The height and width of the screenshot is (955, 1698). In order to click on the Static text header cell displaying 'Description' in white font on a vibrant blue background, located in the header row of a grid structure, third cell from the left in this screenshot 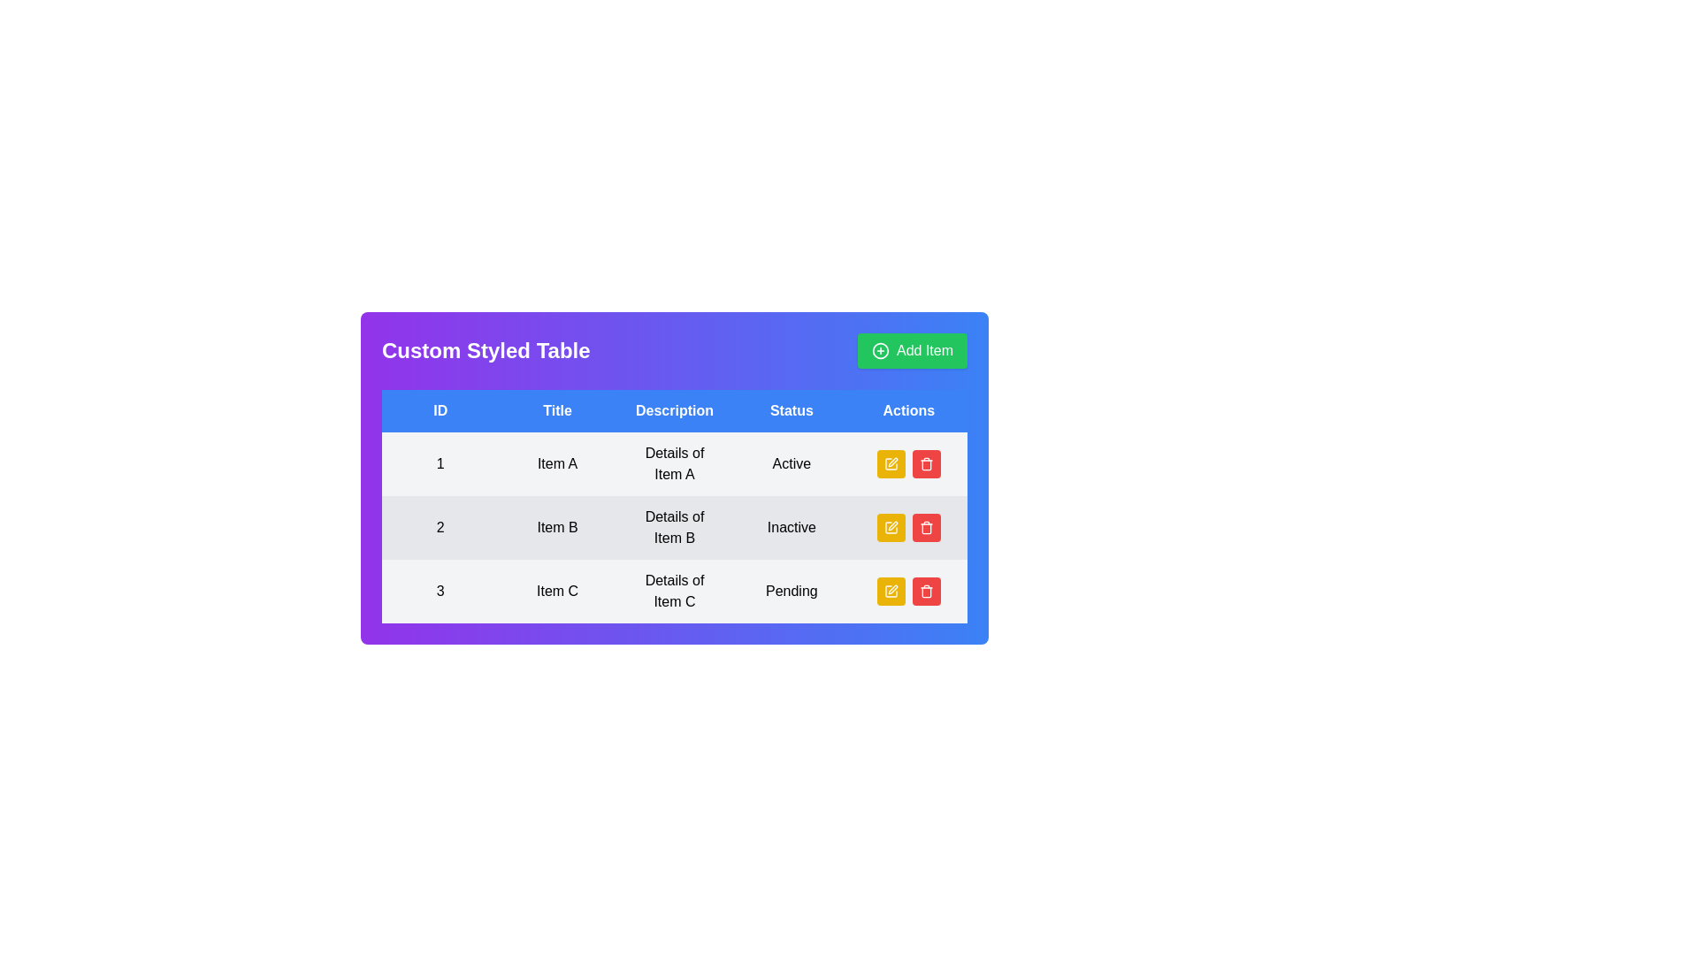, I will do `click(674, 411)`.